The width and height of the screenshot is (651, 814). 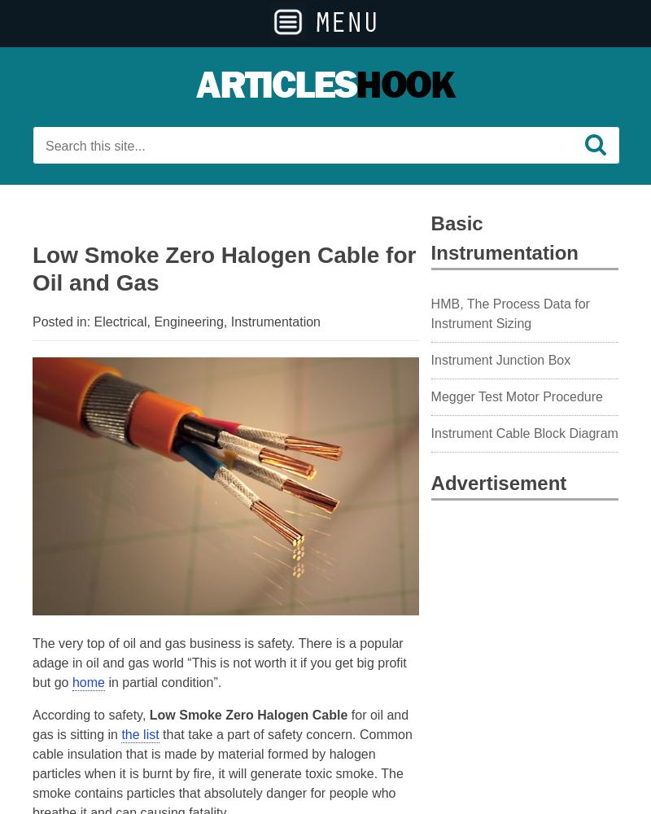 What do you see at coordinates (220, 724) in the screenshot?
I see `'for oil and gas is sitting in'` at bounding box center [220, 724].